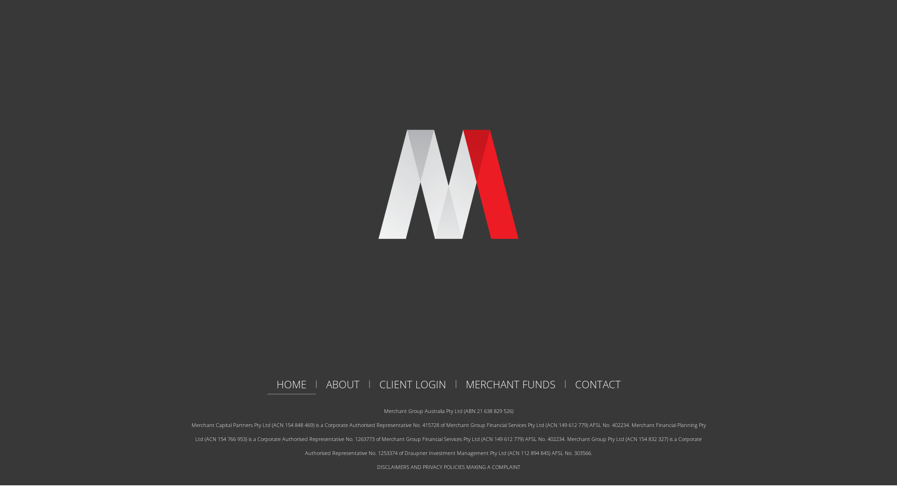 The image size is (897, 504). Describe the element at coordinates (291, 384) in the screenshot. I see `'HOME'` at that location.